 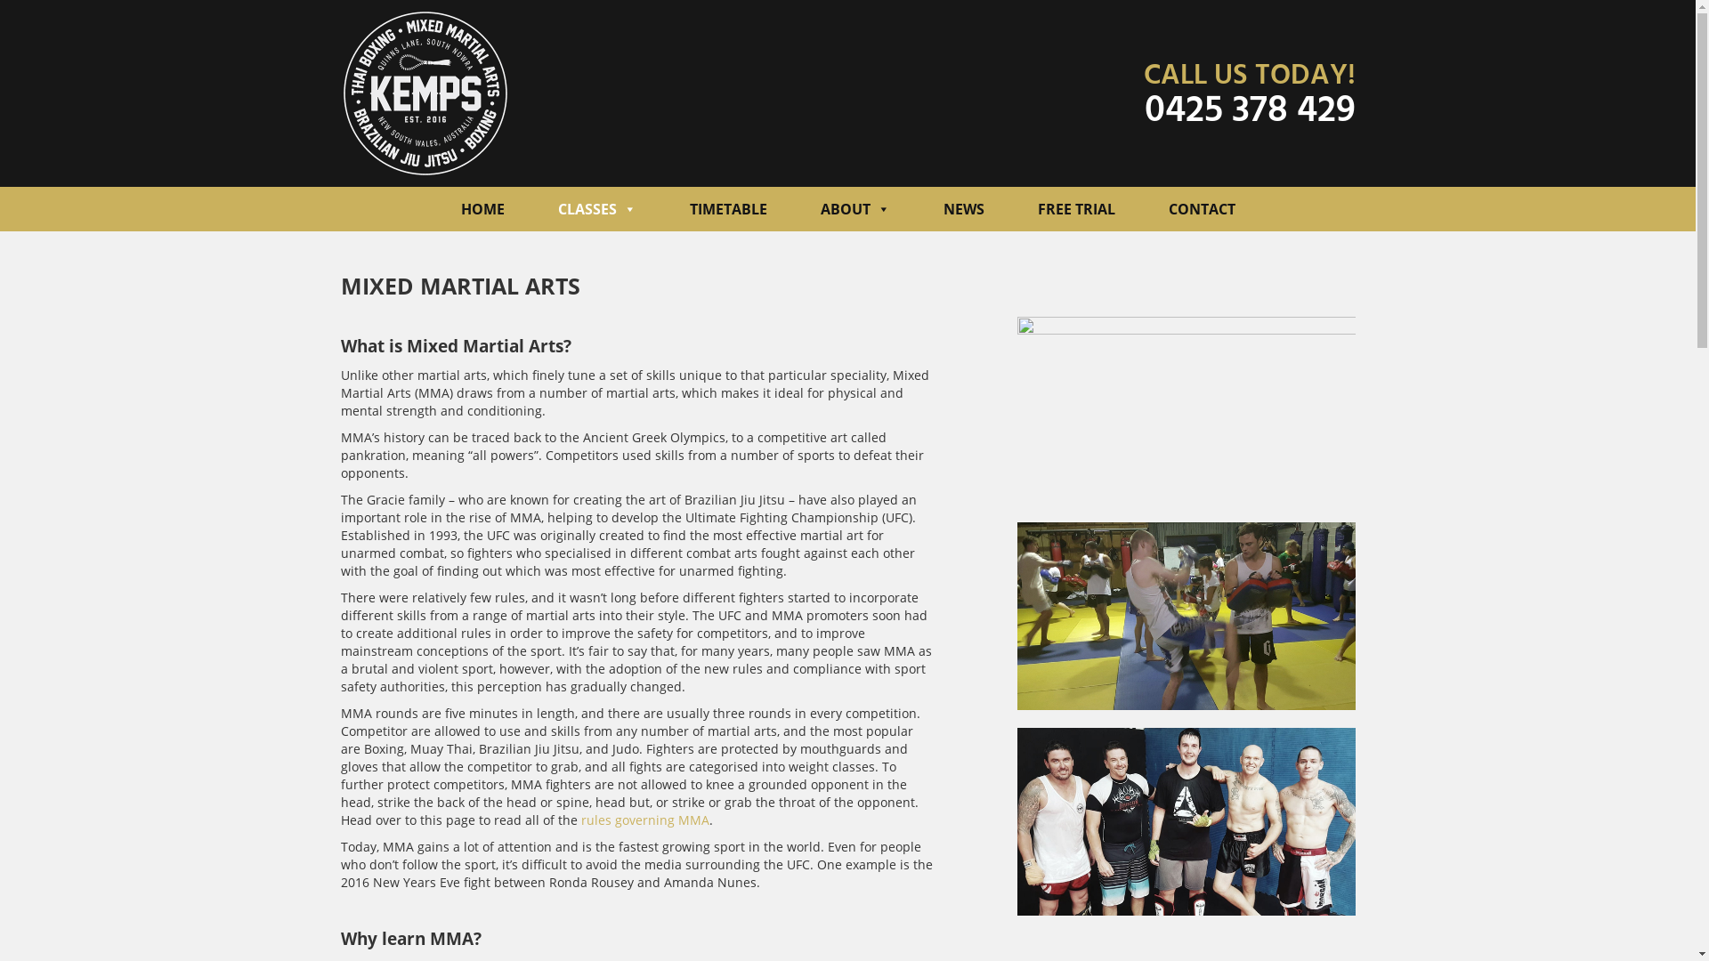 What do you see at coordinates (596, 208) in the screenshot?
I see `'CLASSES'` at bounding box center [596, 208].